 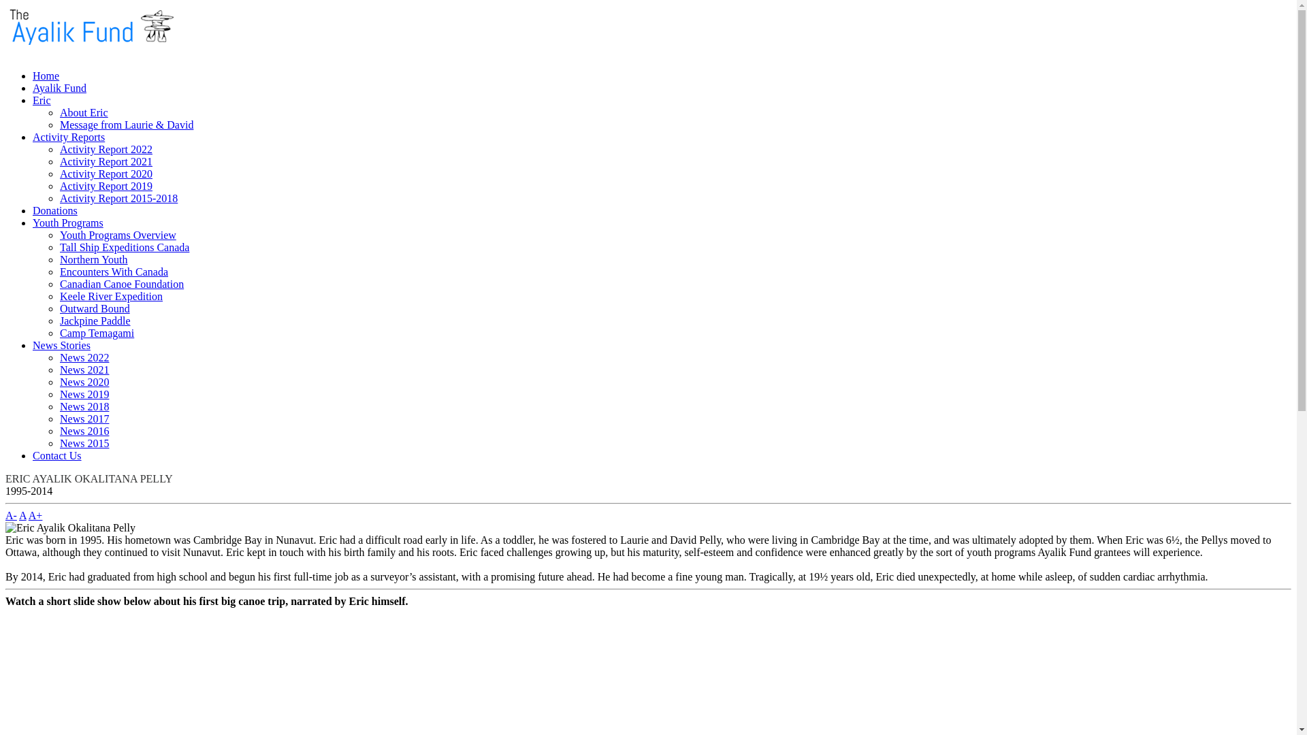 I want to click on 'News 2018', so click(x=59, y=406).